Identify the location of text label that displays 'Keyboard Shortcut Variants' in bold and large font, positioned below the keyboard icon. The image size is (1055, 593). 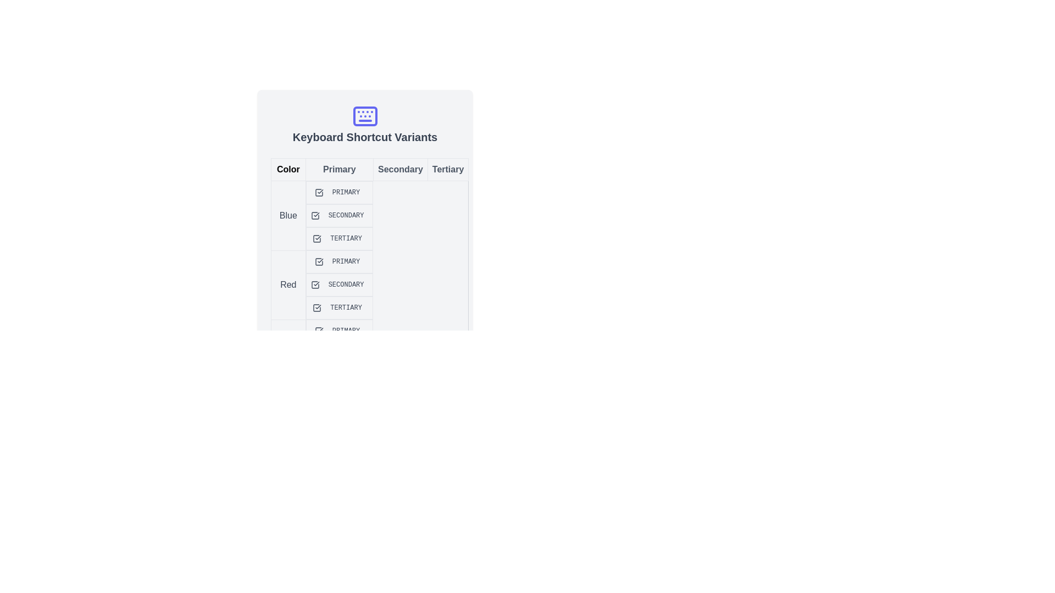
(365, 137).